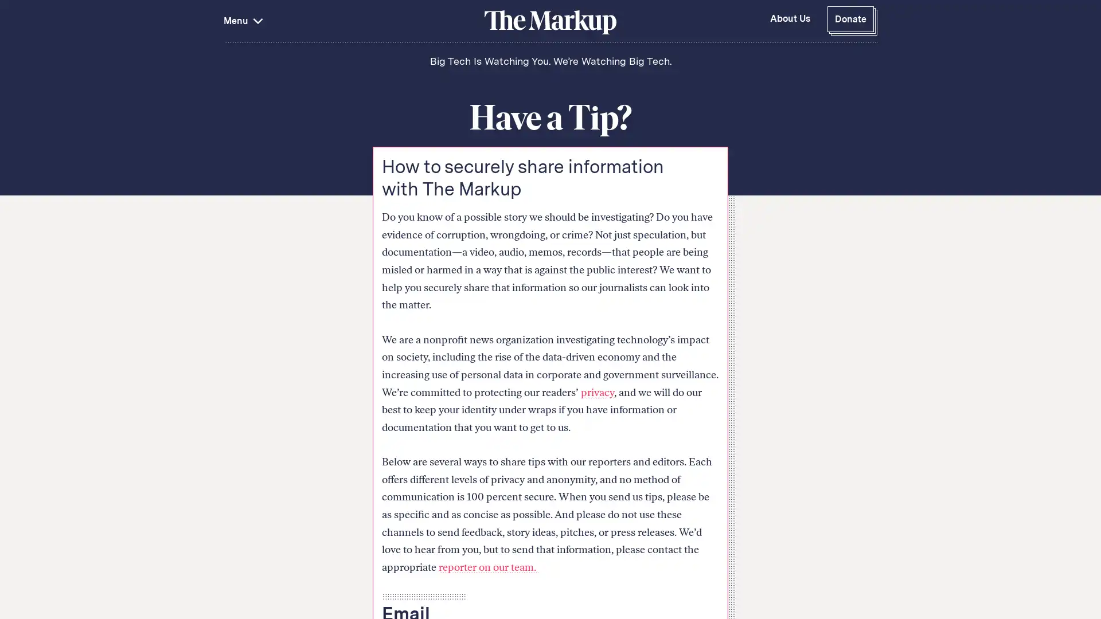  Describe the element at coordinates (842, 549) in the screenshot. I see `Subscribe` at that location.